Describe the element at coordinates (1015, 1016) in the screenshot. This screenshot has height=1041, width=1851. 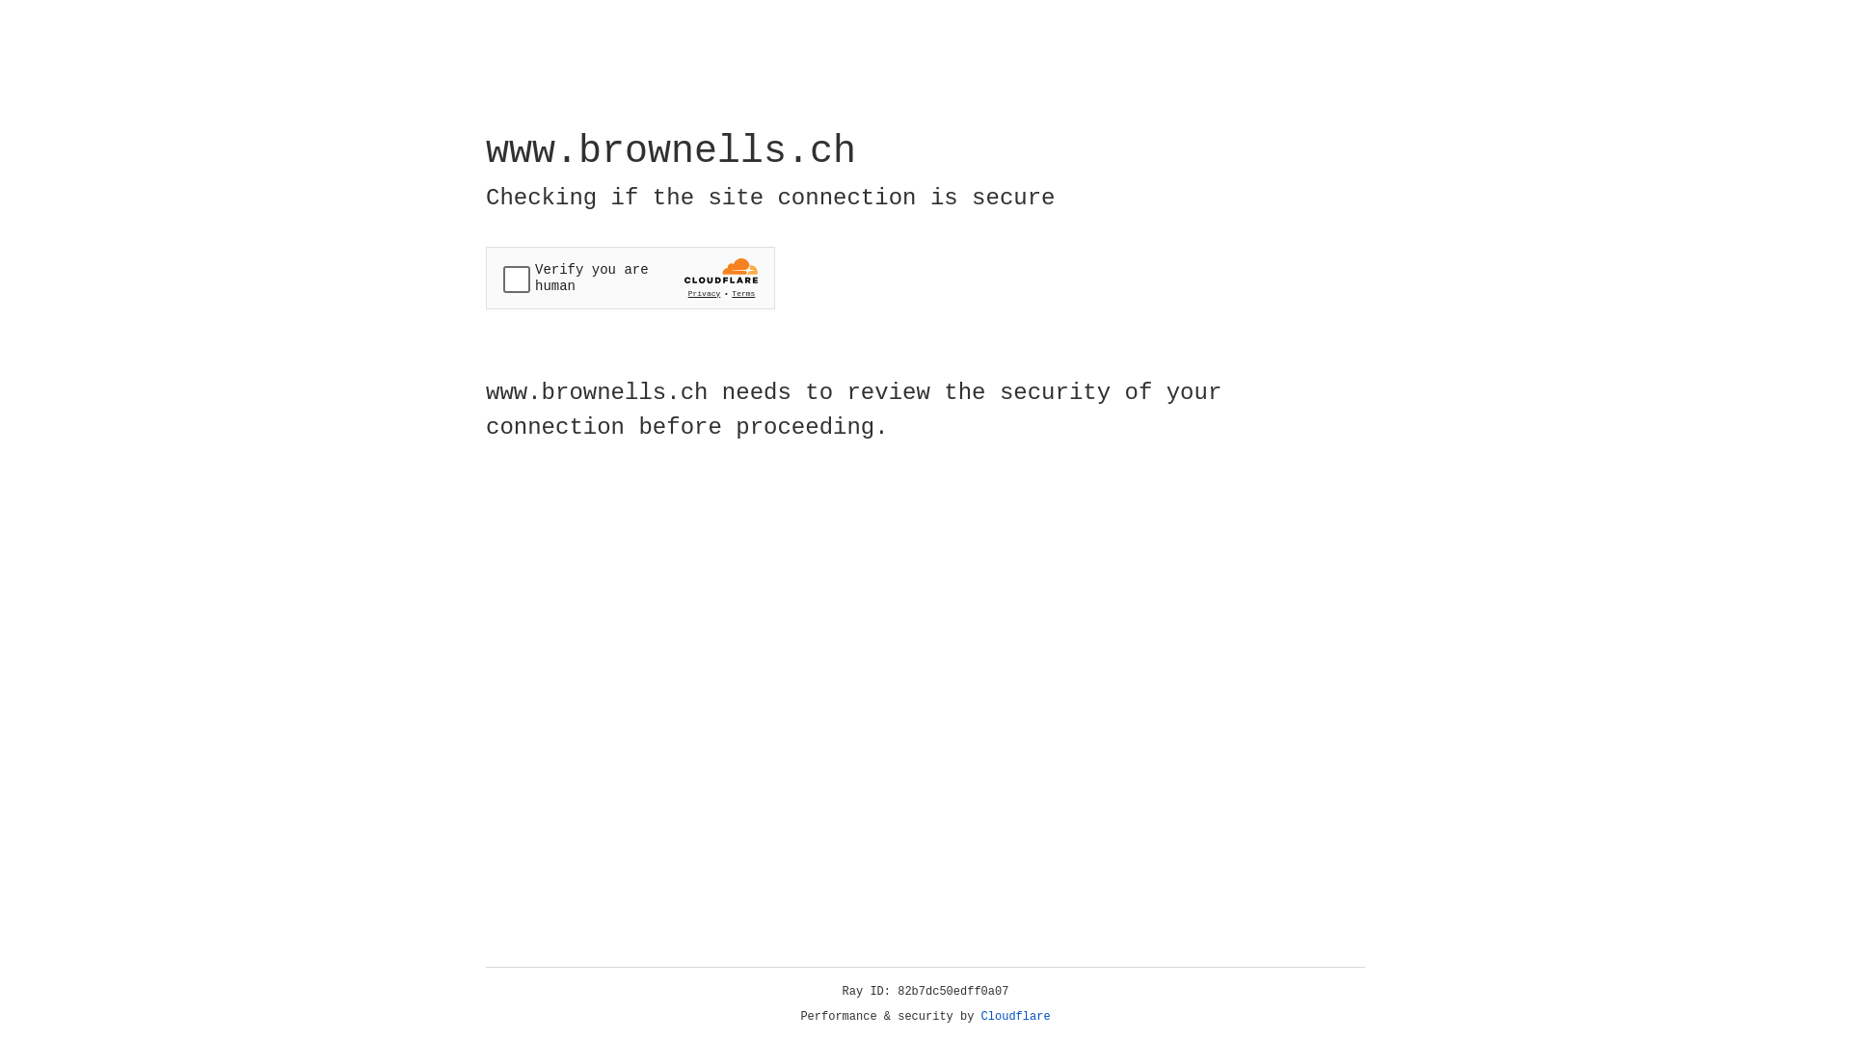
I see `'Cloudflare'` at that location.